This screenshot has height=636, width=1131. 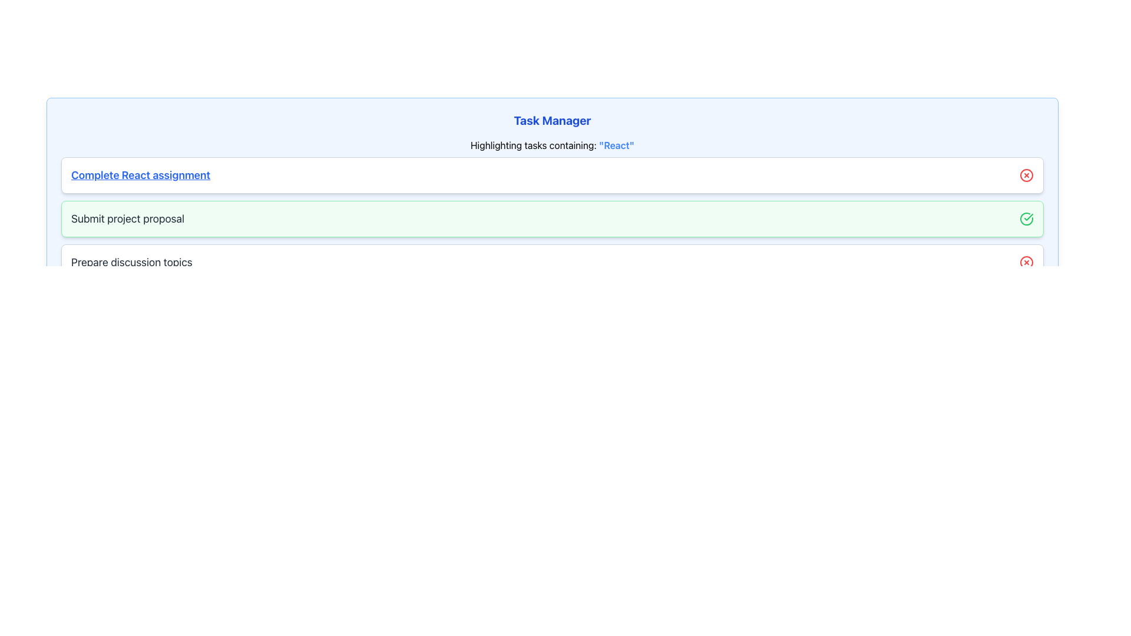 I want to click on the text label that says 'Prepare discussion topics', which is styled in large dark gray font and positioned below 'Submit project proposal', so click(x=131, y=261).